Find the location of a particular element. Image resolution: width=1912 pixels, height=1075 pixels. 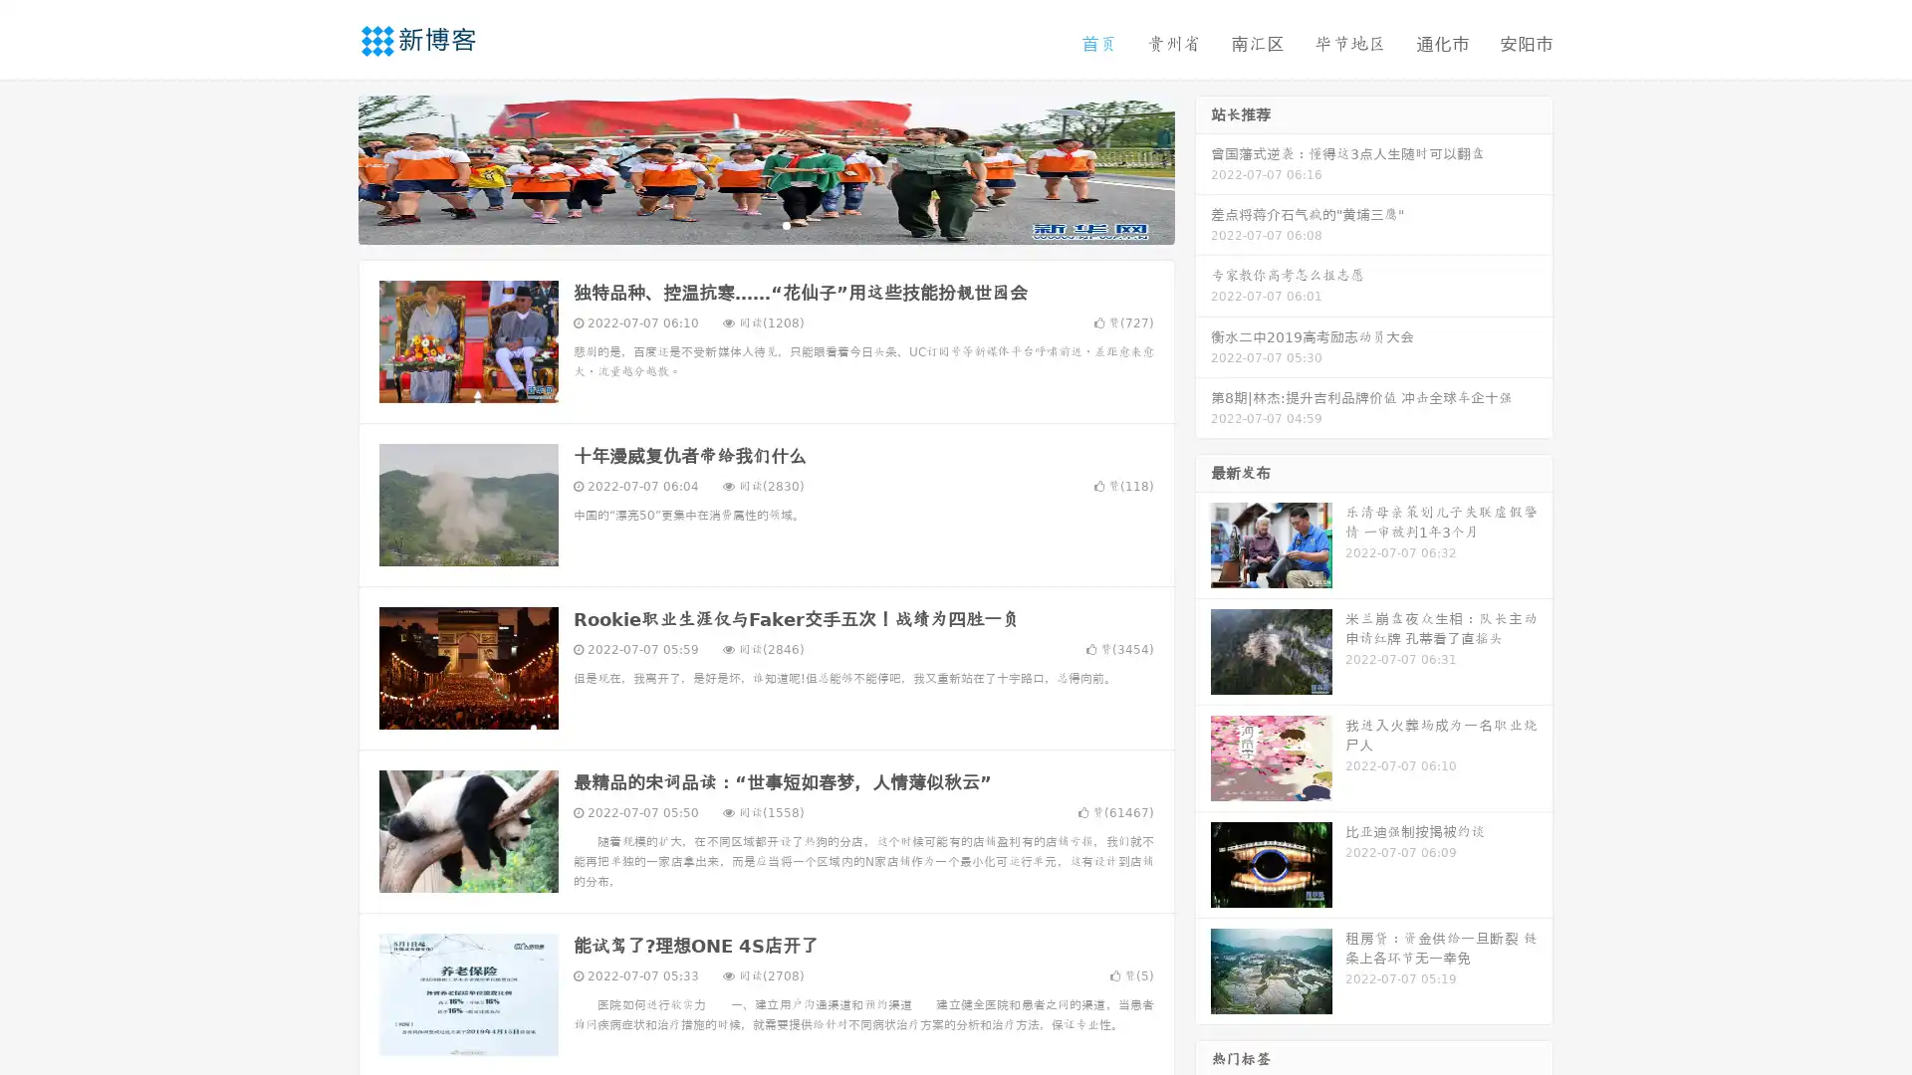

Go to slide 1 is located at coordinates (745, 224).